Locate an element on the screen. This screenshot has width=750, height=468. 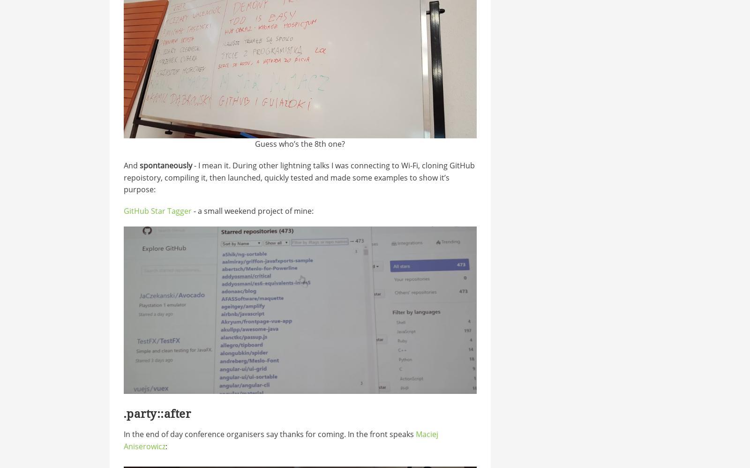
'Guess who’s the 8th one?' is located at coordinates (300, 143).